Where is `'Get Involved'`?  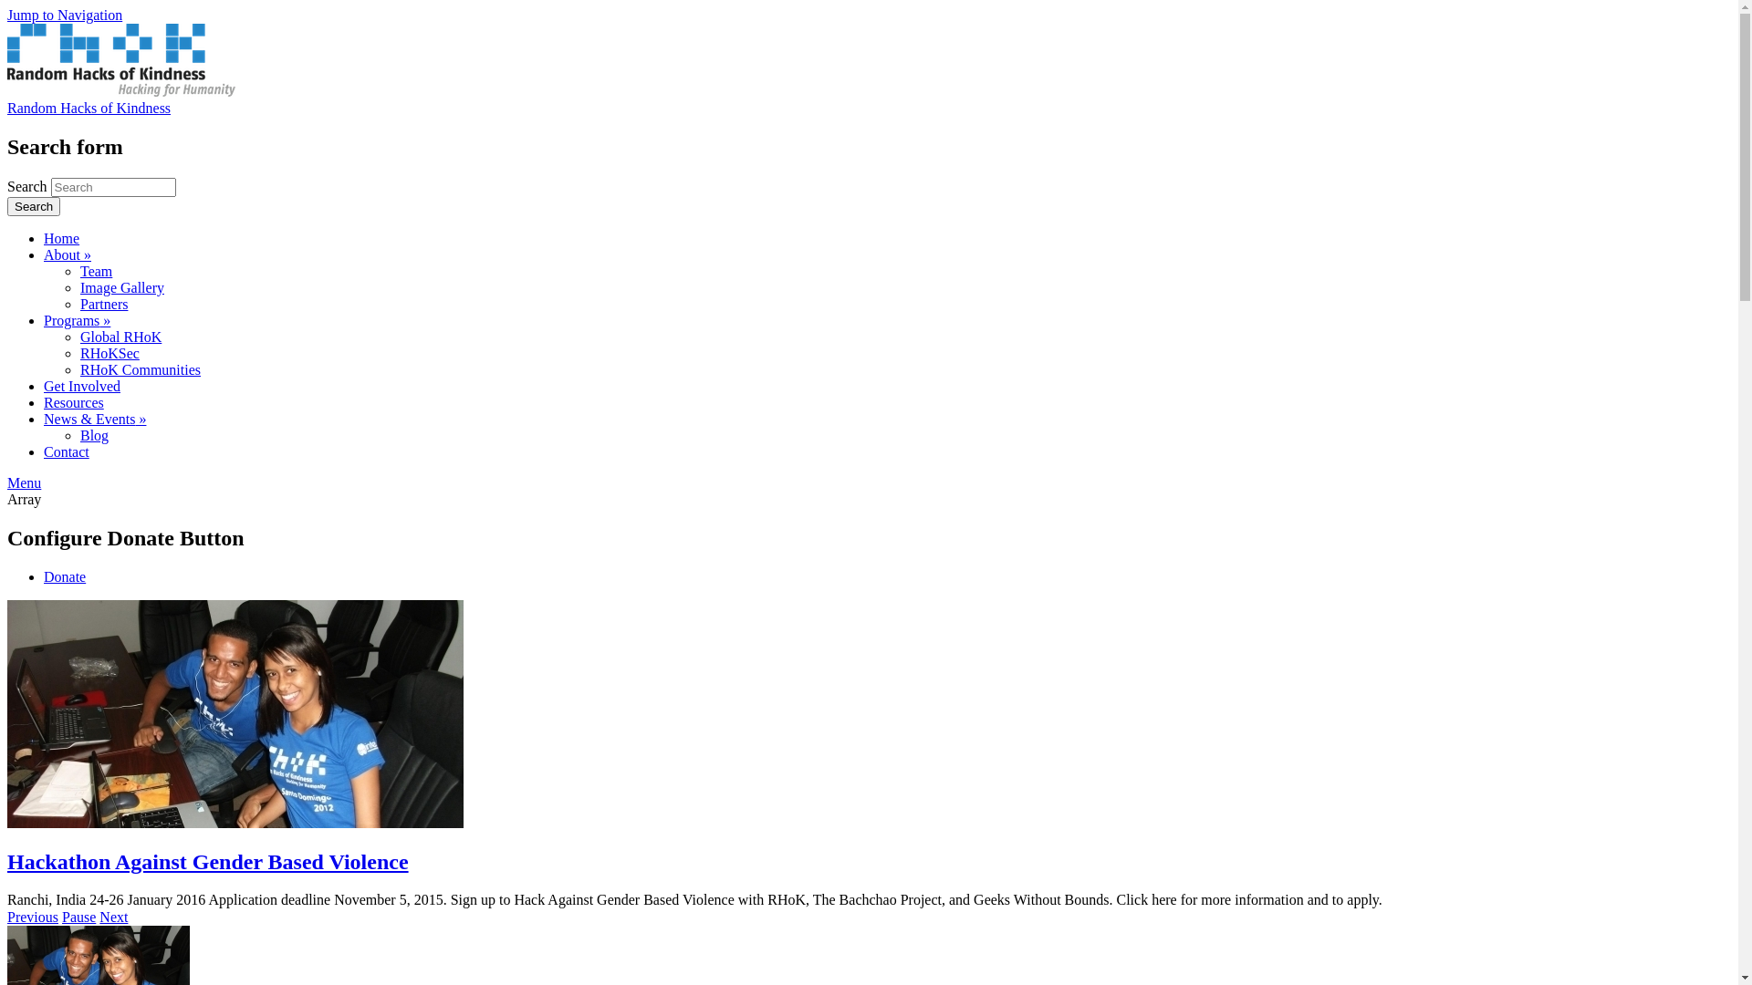
'Get Involved' is located at coordinates (44, 385).